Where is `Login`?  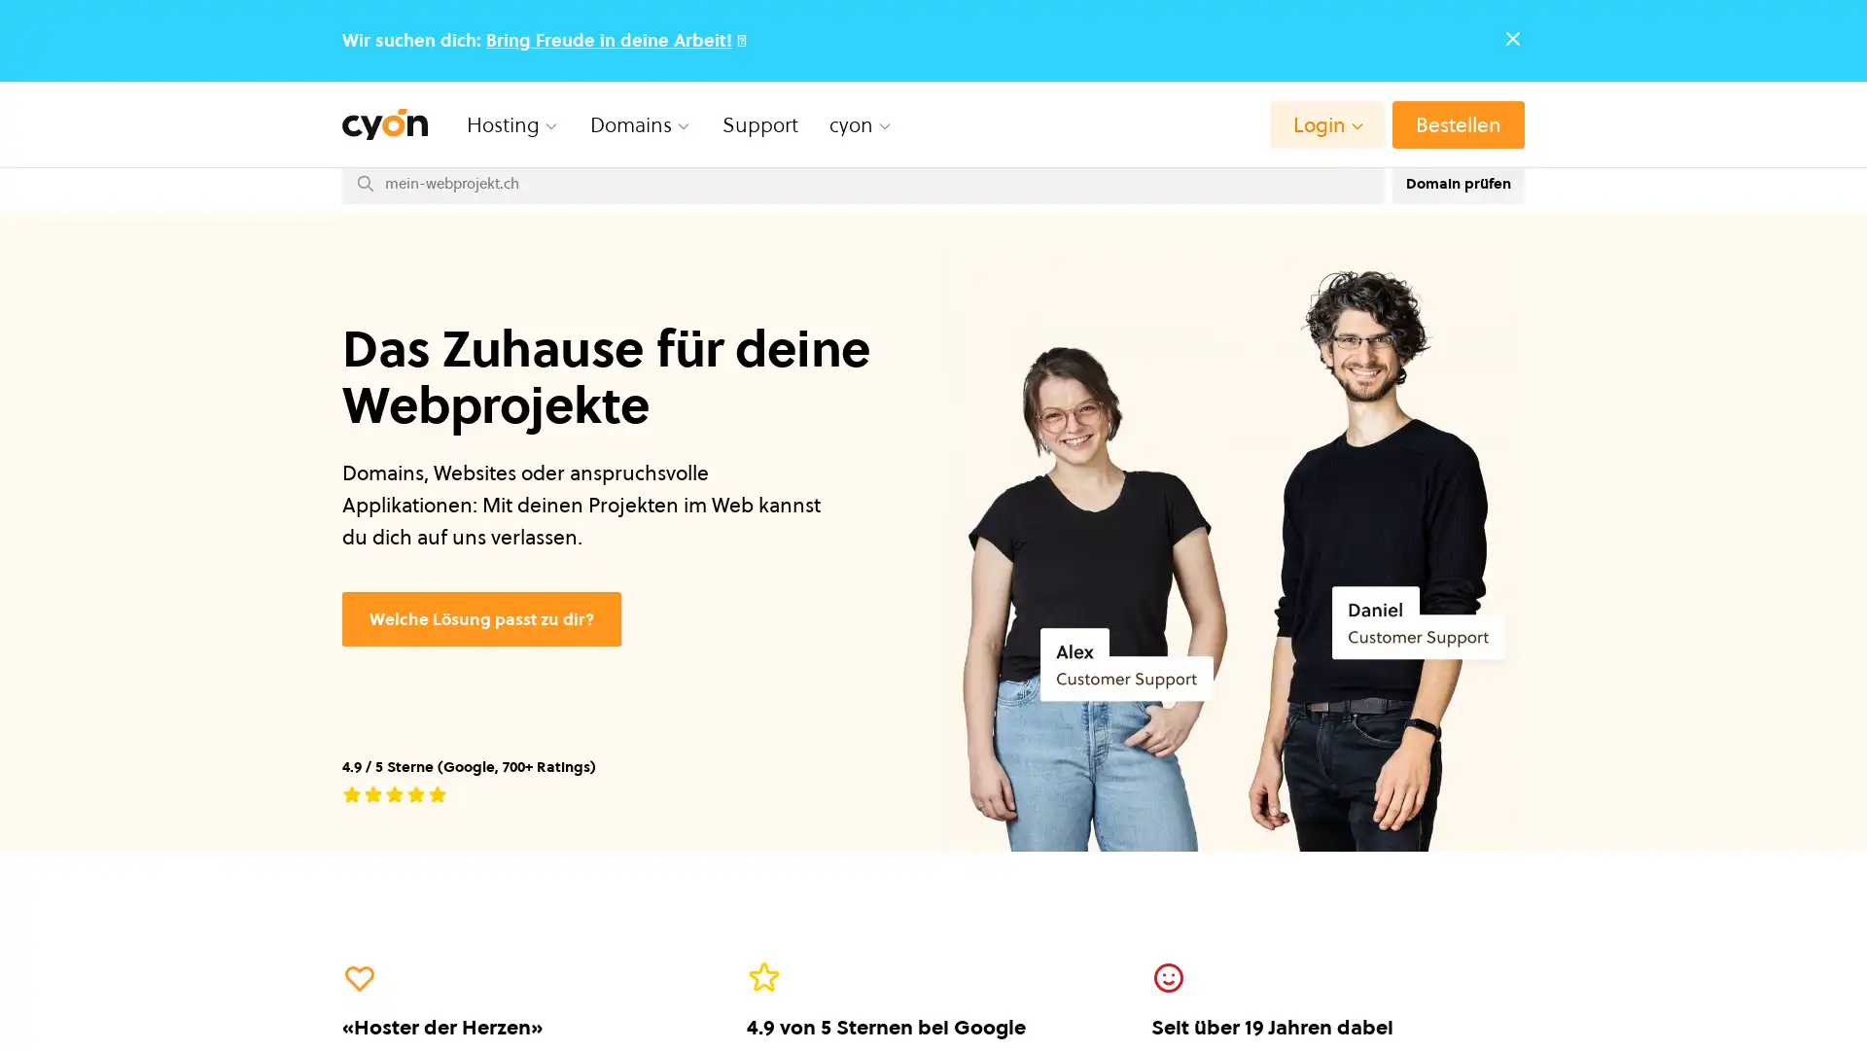 Login is located at coordinates (1325, 123).